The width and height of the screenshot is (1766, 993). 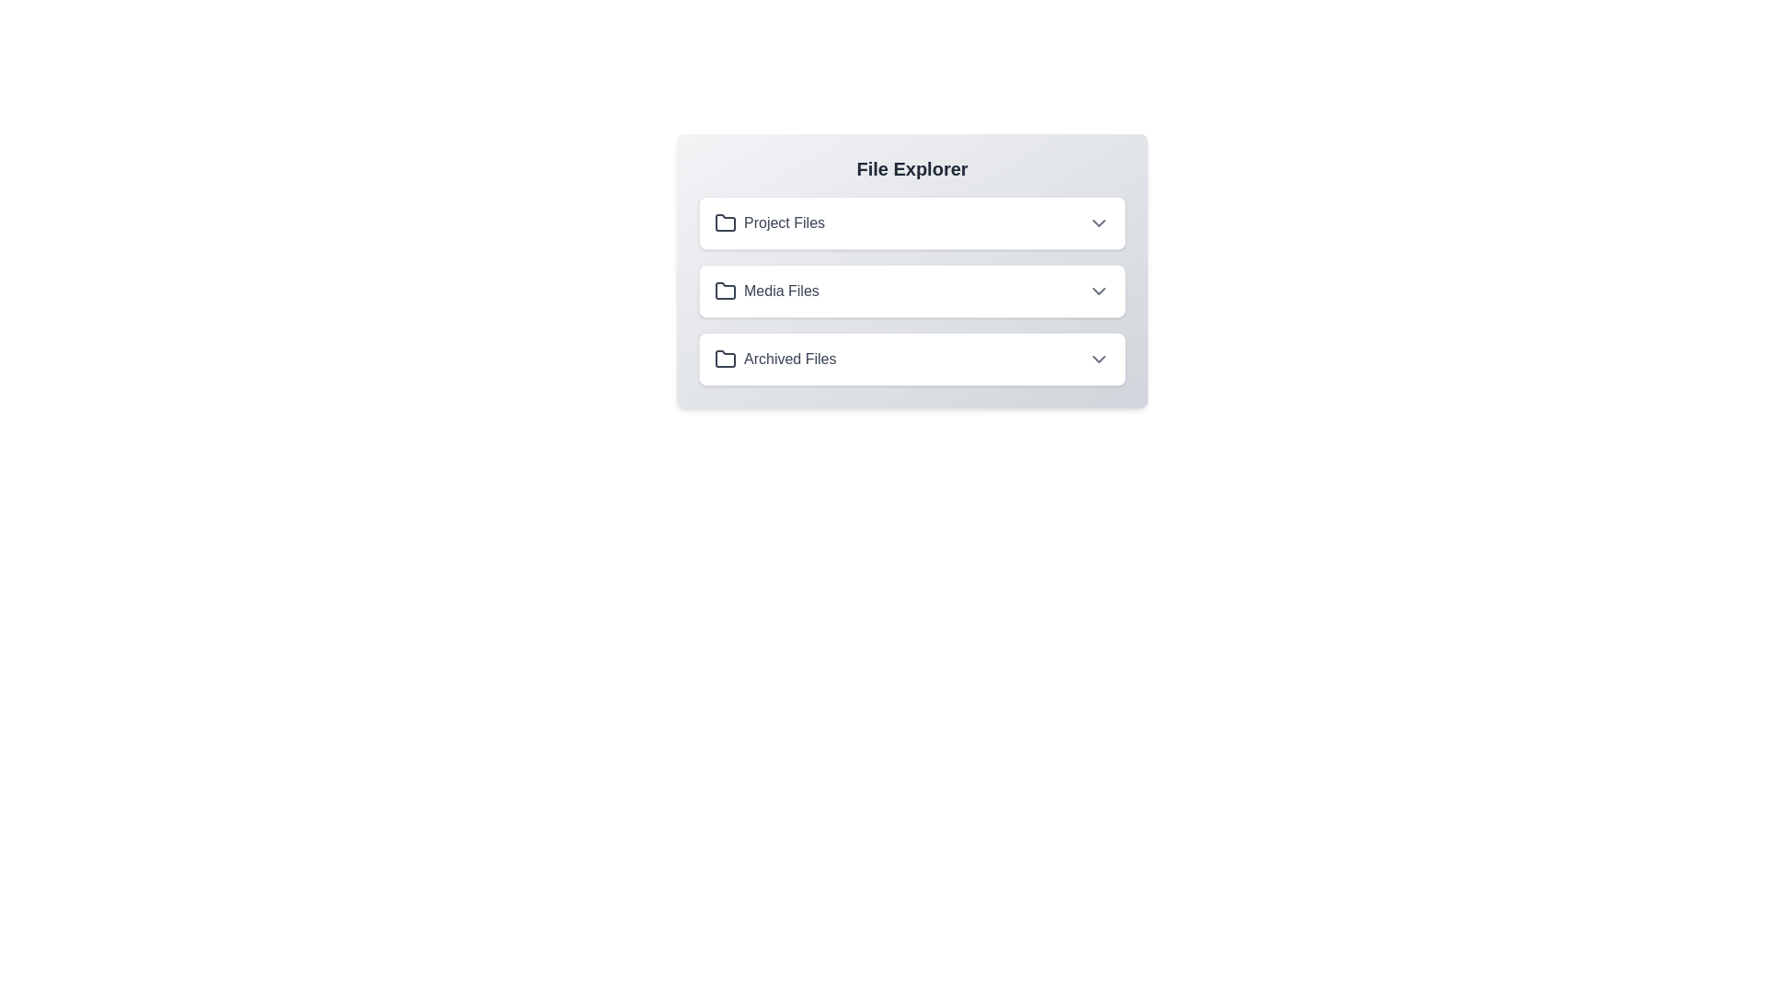 I want to click on the toggle button for the folder named Project Files, so click(x=1099, y=223).